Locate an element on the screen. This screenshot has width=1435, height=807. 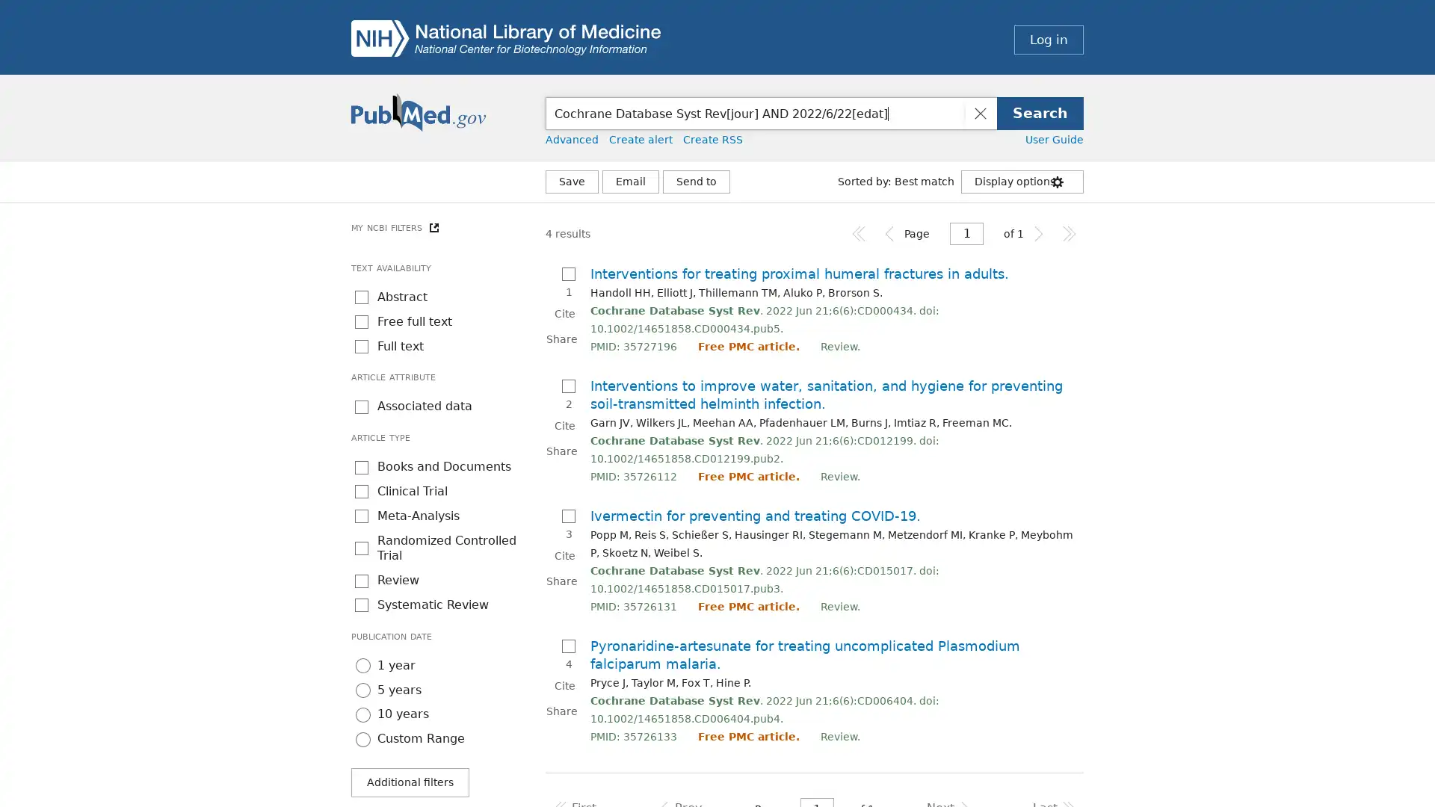
Additional filters is located at coordinates (410, 781).